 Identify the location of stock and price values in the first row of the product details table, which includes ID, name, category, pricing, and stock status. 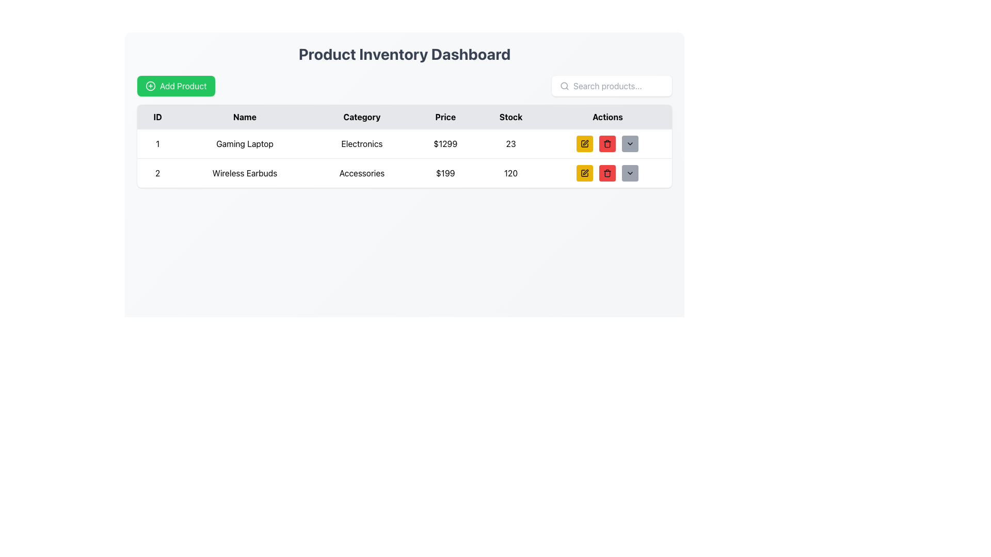
(404, 143).